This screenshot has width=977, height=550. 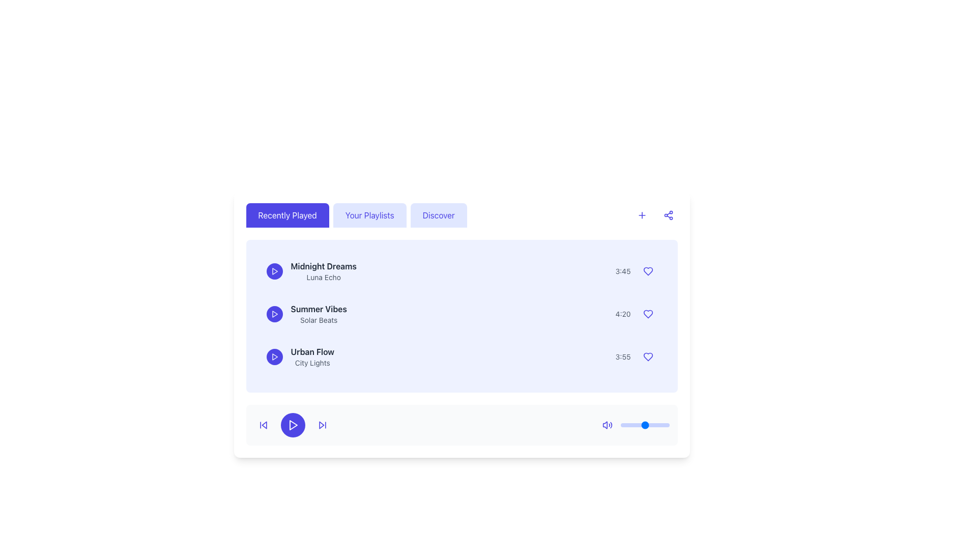 What do you see at coordinates (439, 215) in the screenshot?
I see `the 'Discover' button, which is a rectangular button with rounded corners, light indigo background, and indigo text, located at the rightmost position in the navigation bar` at bounding box center [439, 215].